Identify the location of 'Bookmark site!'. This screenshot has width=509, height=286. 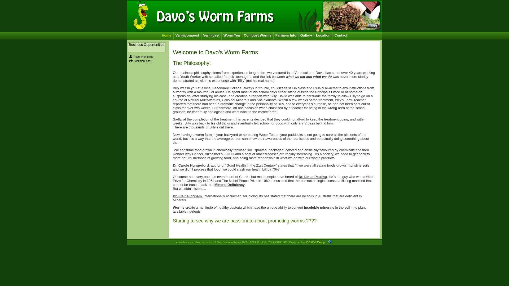
(142, 61).